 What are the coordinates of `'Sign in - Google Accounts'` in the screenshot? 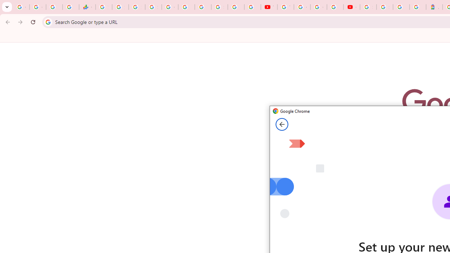 It's located at (384, 7).